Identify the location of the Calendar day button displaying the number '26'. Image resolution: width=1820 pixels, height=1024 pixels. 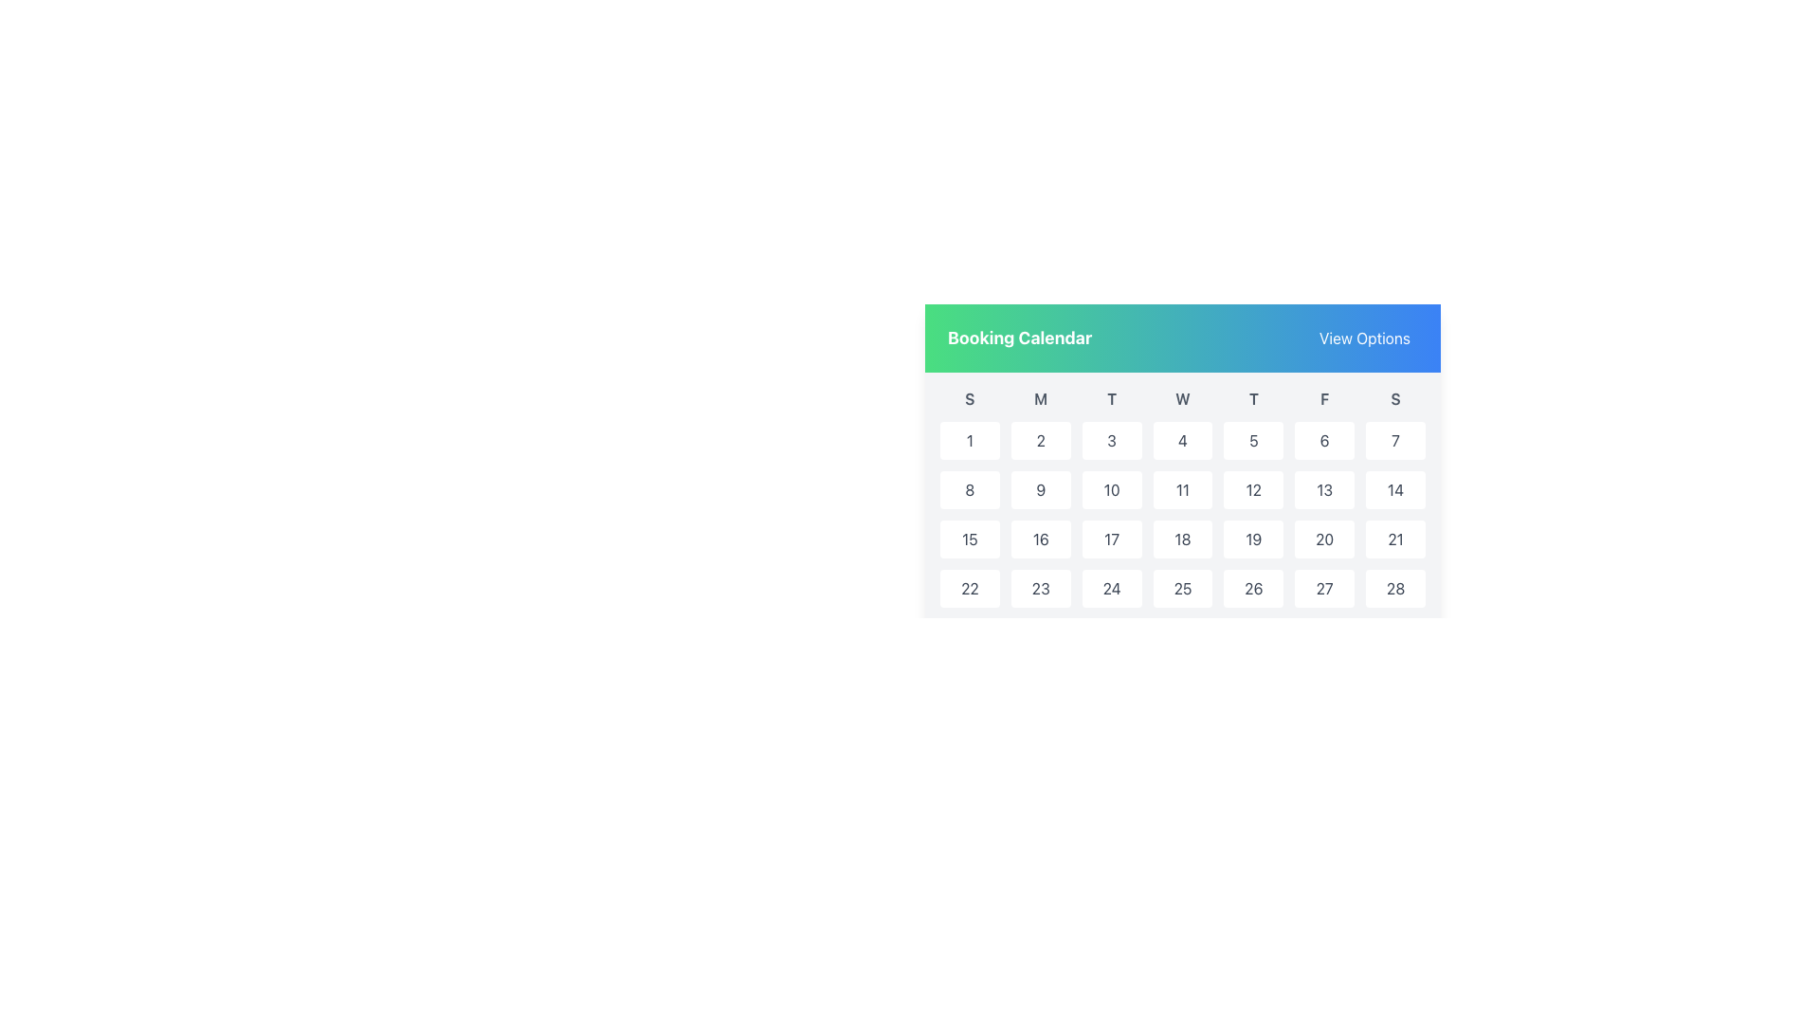
(1253, 588).